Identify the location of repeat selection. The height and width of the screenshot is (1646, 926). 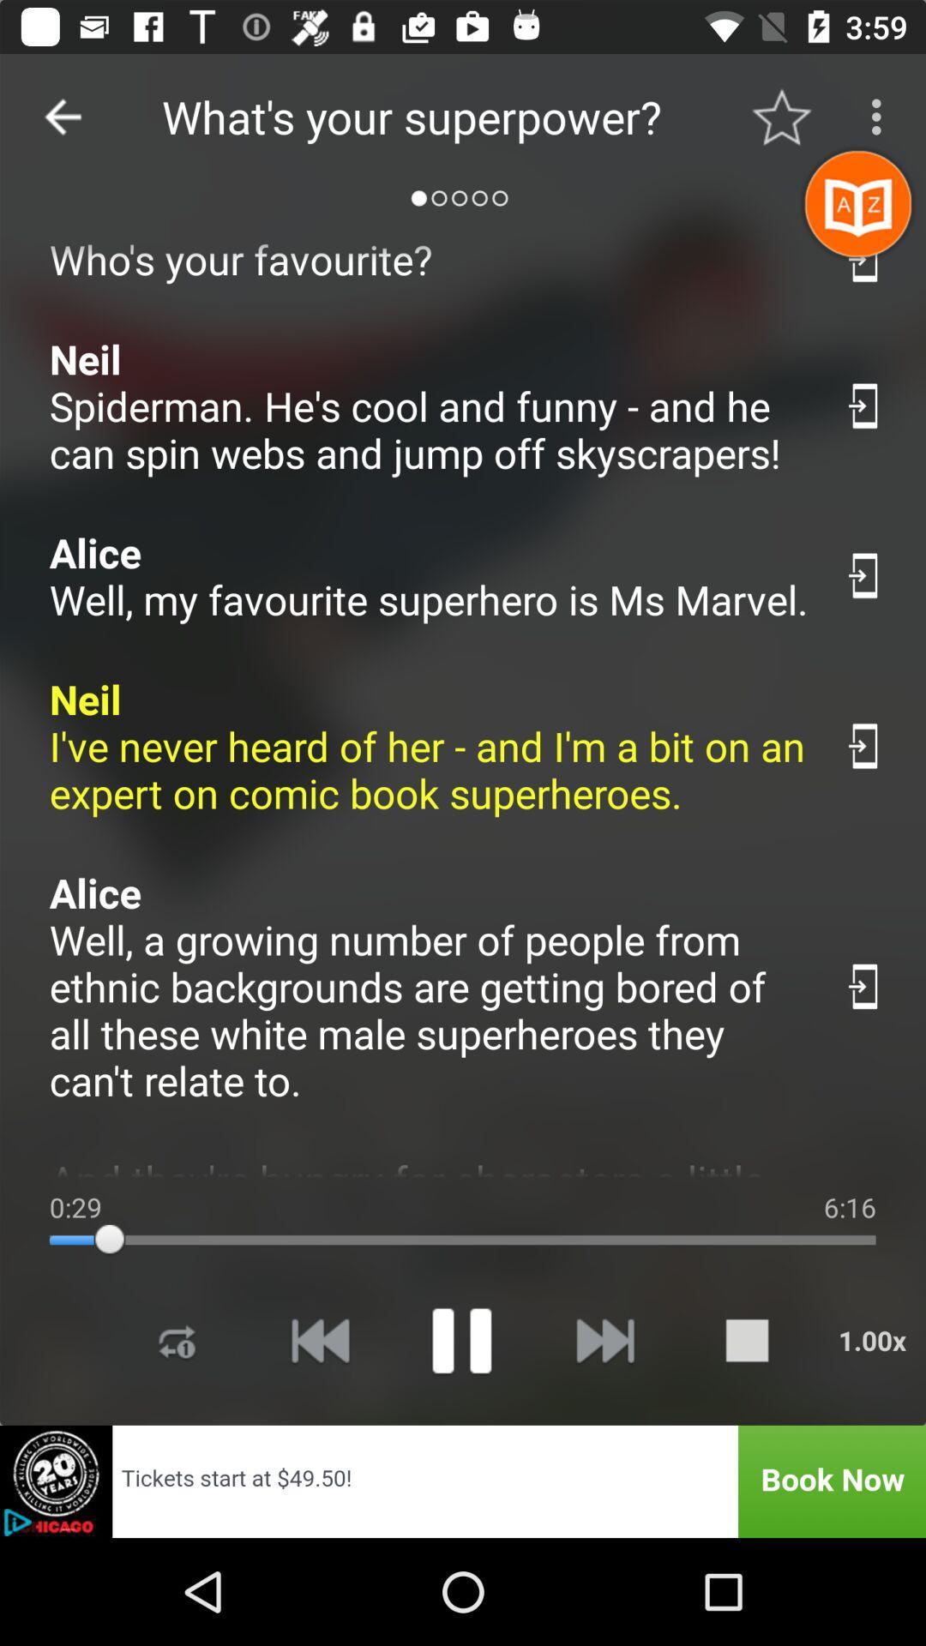
(177, 1339).